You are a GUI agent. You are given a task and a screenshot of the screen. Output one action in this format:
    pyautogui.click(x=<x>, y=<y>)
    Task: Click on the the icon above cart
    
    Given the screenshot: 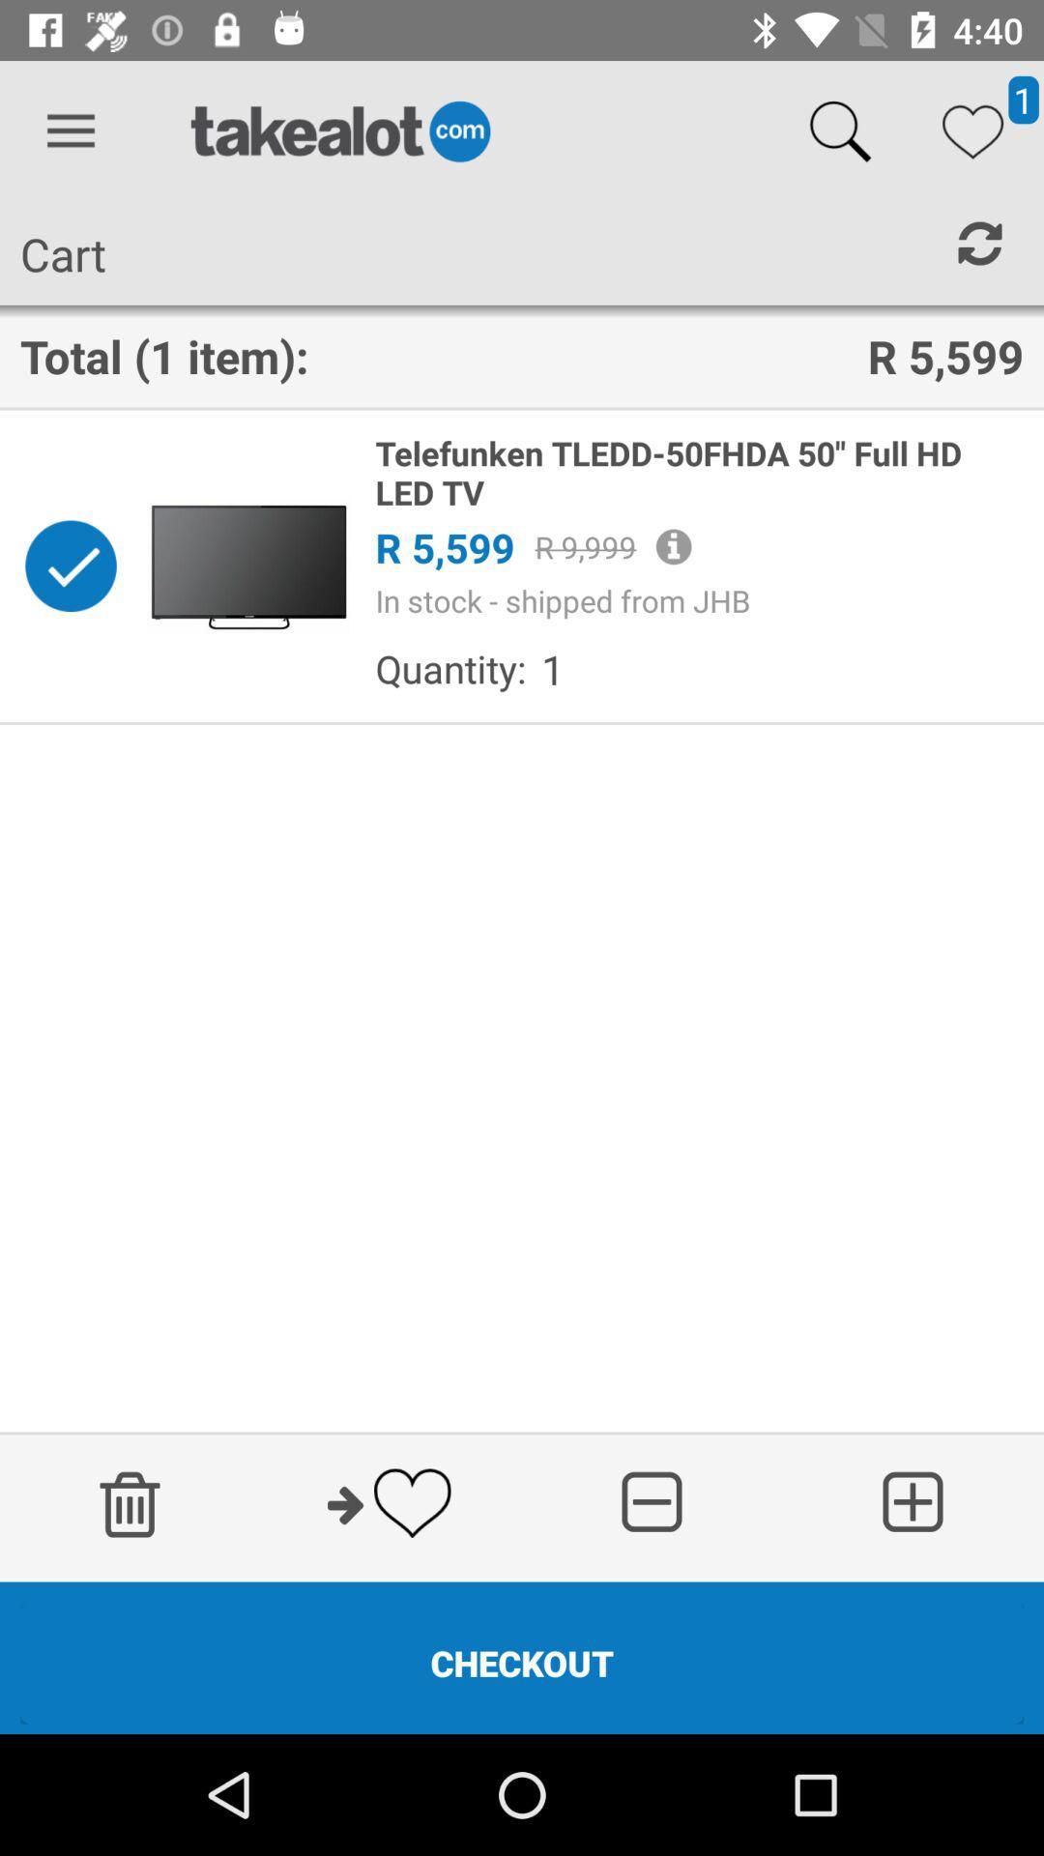 What is the action you would take?
    pyautogui.click(x=70, y=130)
    